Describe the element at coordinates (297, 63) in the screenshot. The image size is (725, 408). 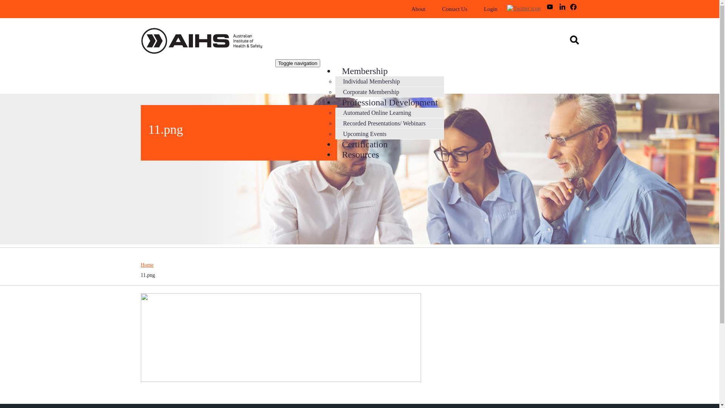
I see `'Toggle navigation'` at that location.